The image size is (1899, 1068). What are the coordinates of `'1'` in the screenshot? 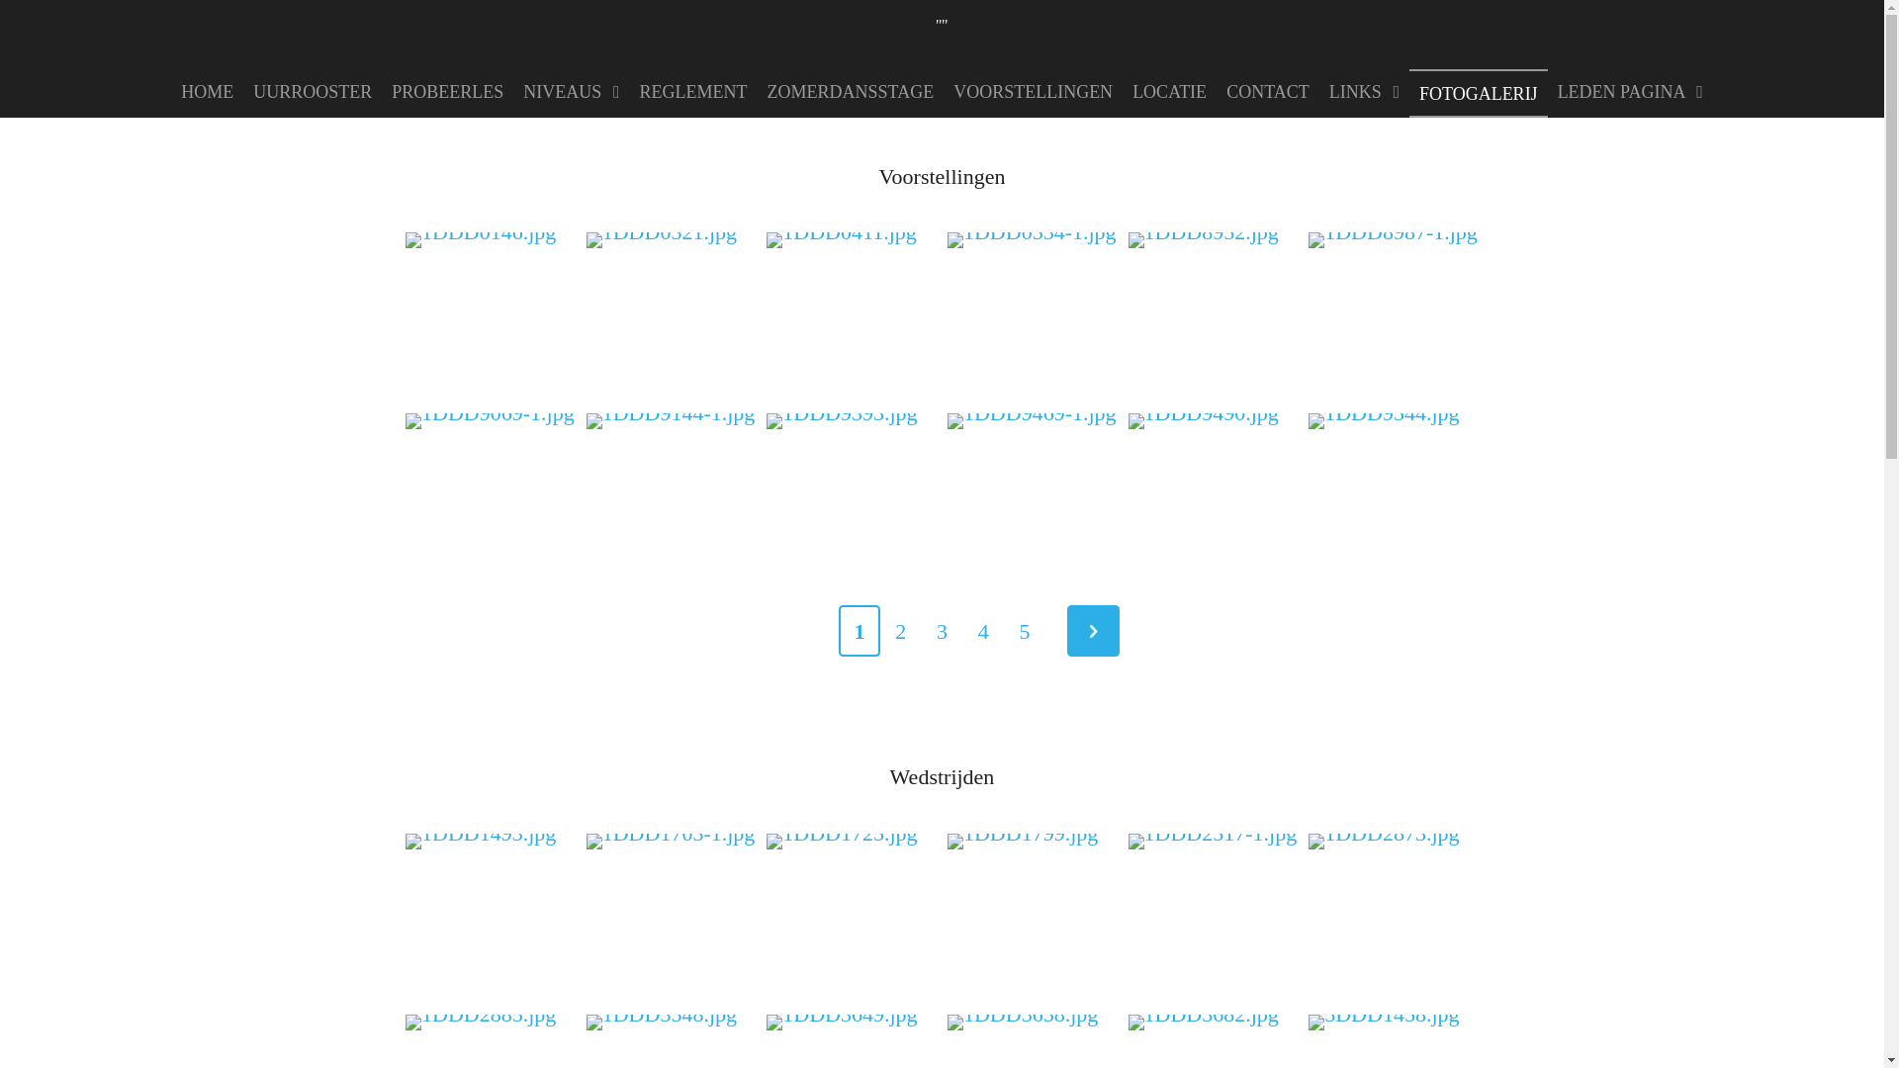 It's located at (859, 631).